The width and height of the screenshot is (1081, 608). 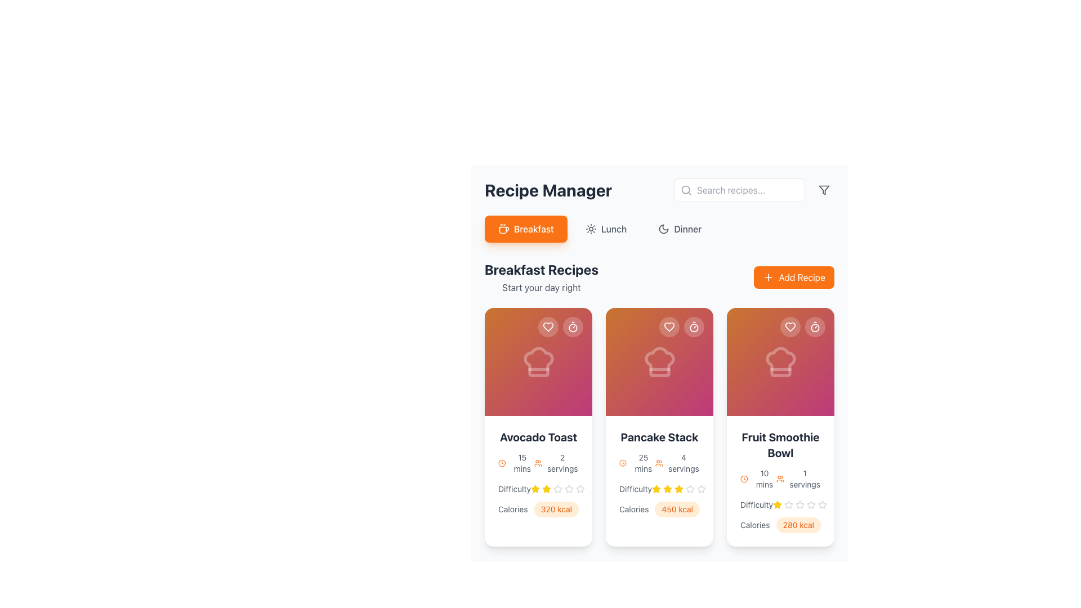 What do you see at coordinates (521, 463) in the screenshot?
I see `preparation time text label located beneath the clock icon and above the servings description in the first recipe card` at bounding box center [521, 463].